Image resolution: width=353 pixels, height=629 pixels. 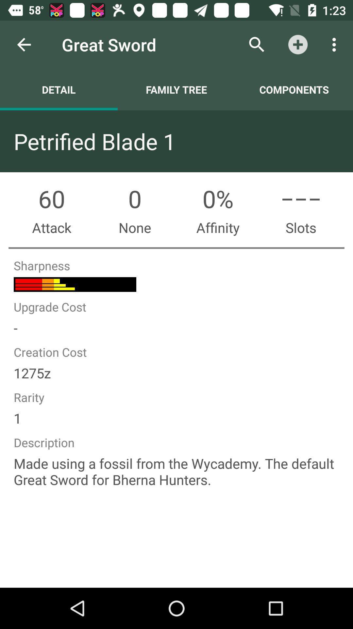 I want to click on item to the left of great sword icon, so click(x=24, y=44).